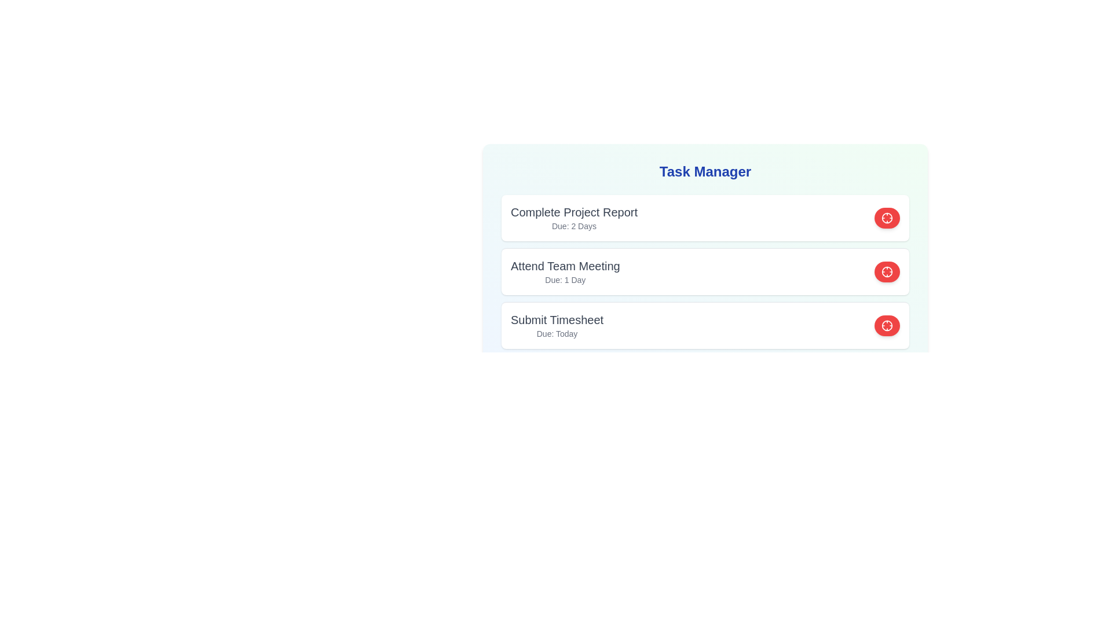 The width and height of the screenshot is (1112, 625). What do you see at coordinates (886, 218) in the screenshot?
I see `the circular red button with a white crosshair icon located` at bounding box center [886, 218].